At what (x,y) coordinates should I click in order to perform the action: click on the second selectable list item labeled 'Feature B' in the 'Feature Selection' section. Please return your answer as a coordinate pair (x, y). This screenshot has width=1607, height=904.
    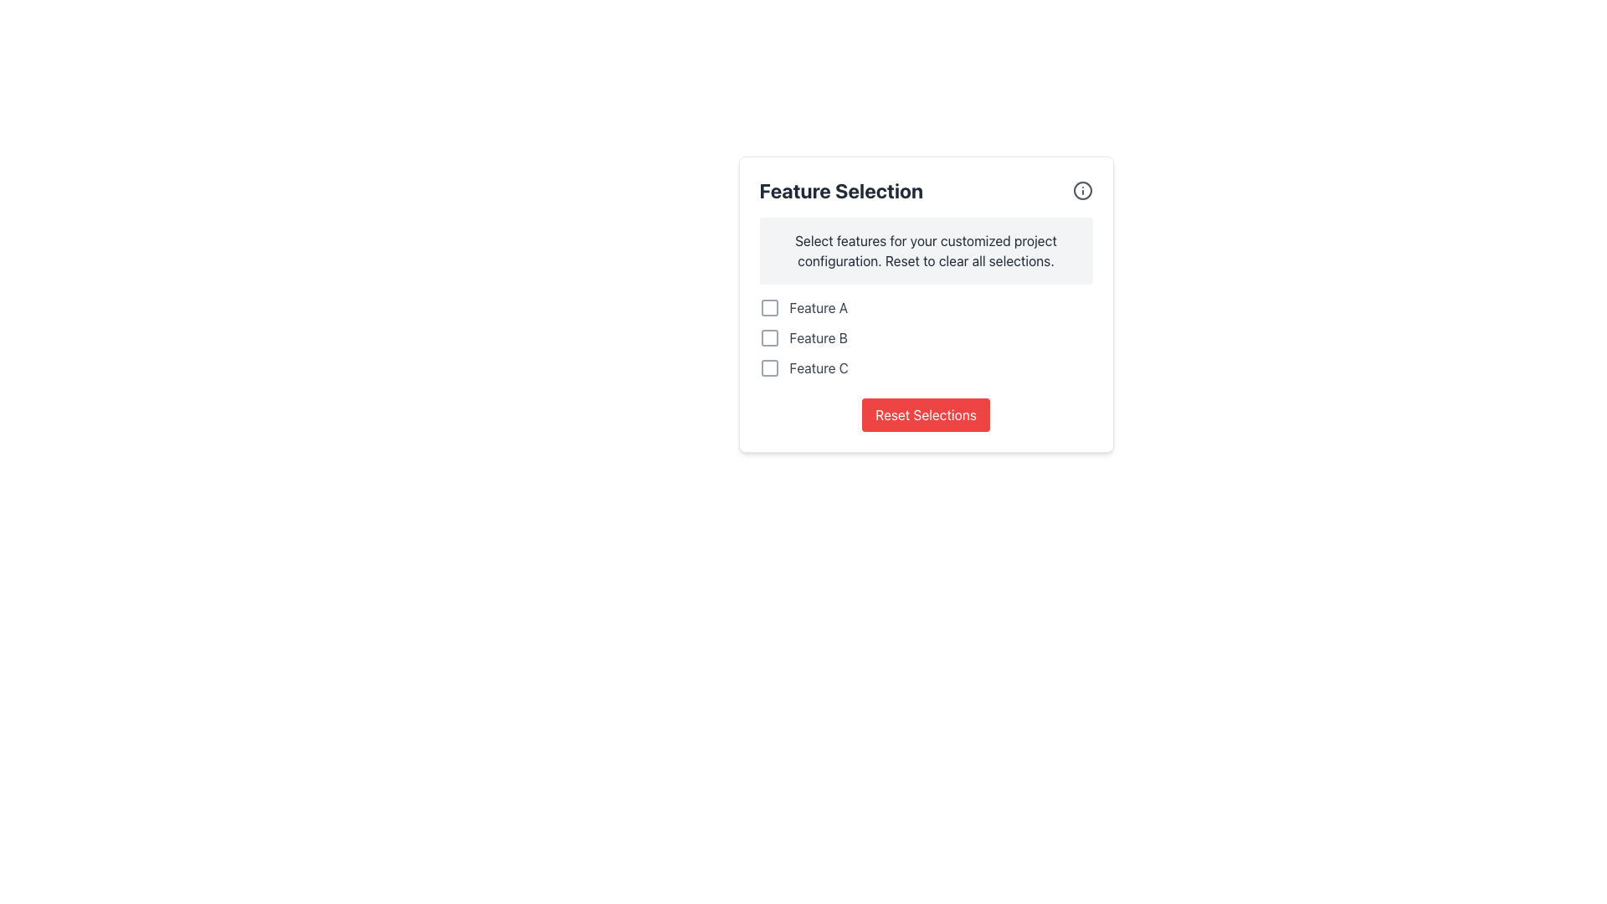
    Looking at the image, I should click on (925, 338).